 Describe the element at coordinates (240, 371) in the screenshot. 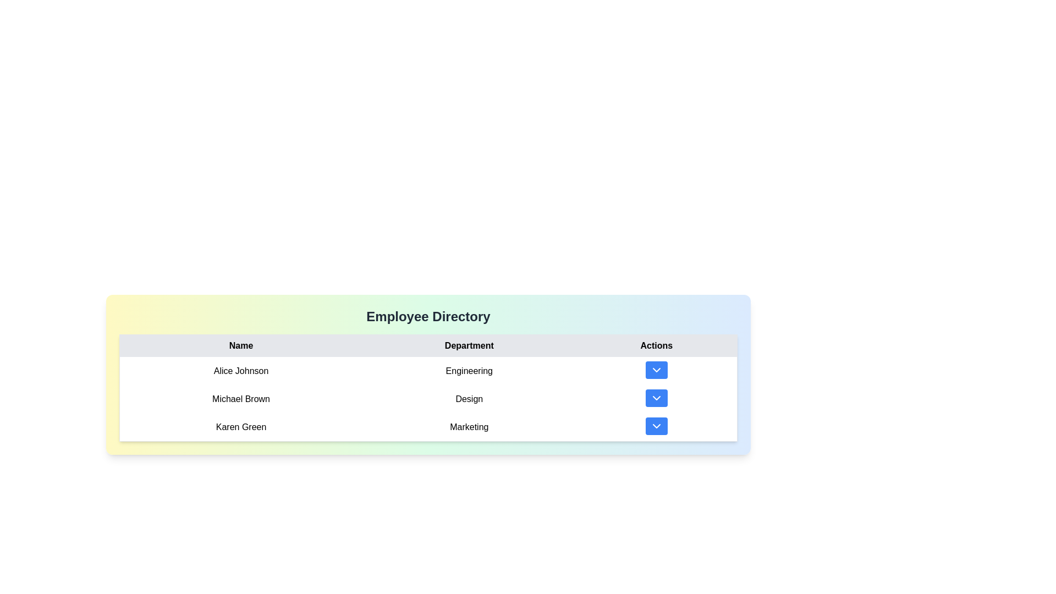

I see `the text label displaying 'Alice Johnson' in bold within the 'Name' column of the table` at that location.